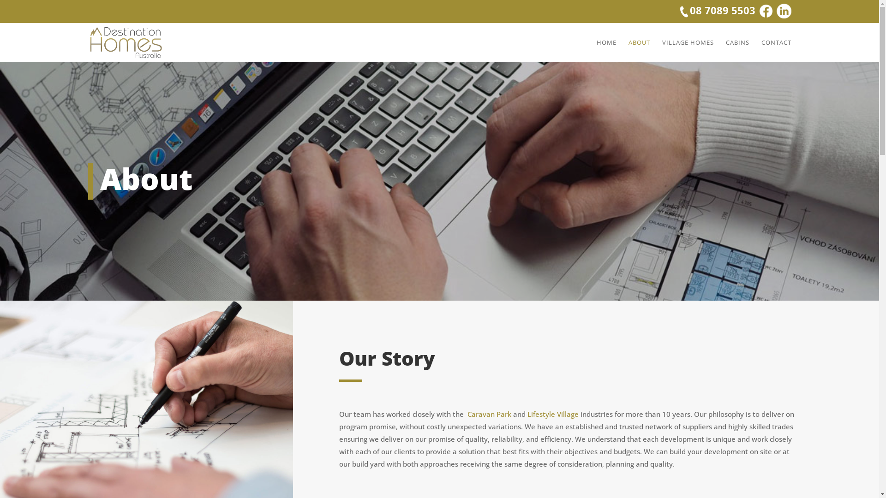 The height and width of the screenshot is (498, 886). Describe the element at coordinates (687, 50) in the screenshot. I see `'VILLAGE HOMES'` at that location.